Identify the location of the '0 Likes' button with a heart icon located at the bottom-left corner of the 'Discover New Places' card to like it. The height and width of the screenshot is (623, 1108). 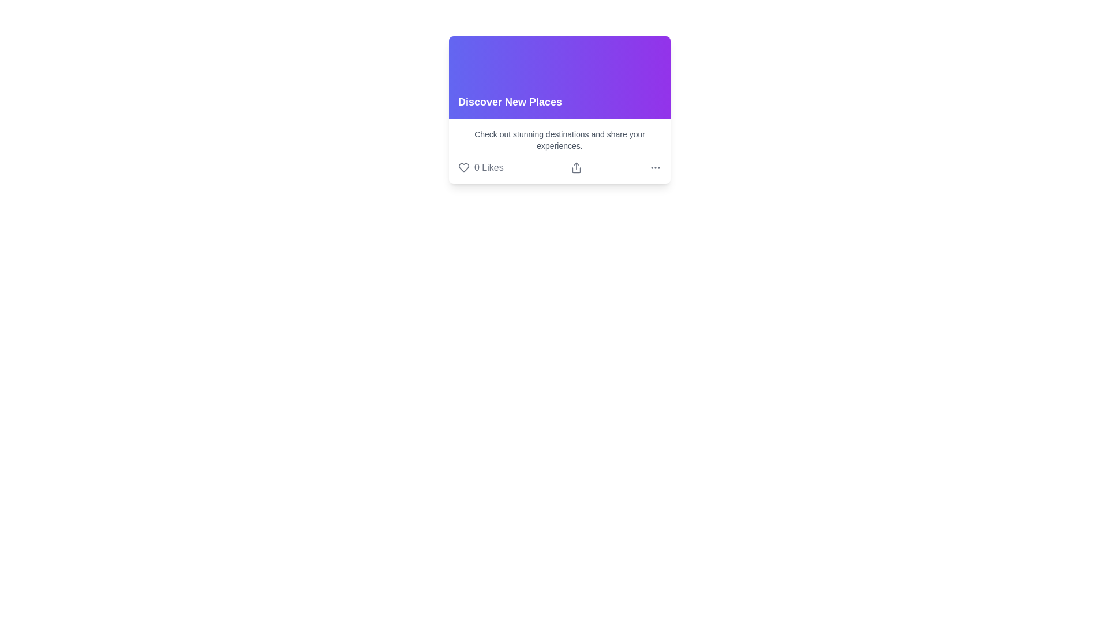
(481, 167).